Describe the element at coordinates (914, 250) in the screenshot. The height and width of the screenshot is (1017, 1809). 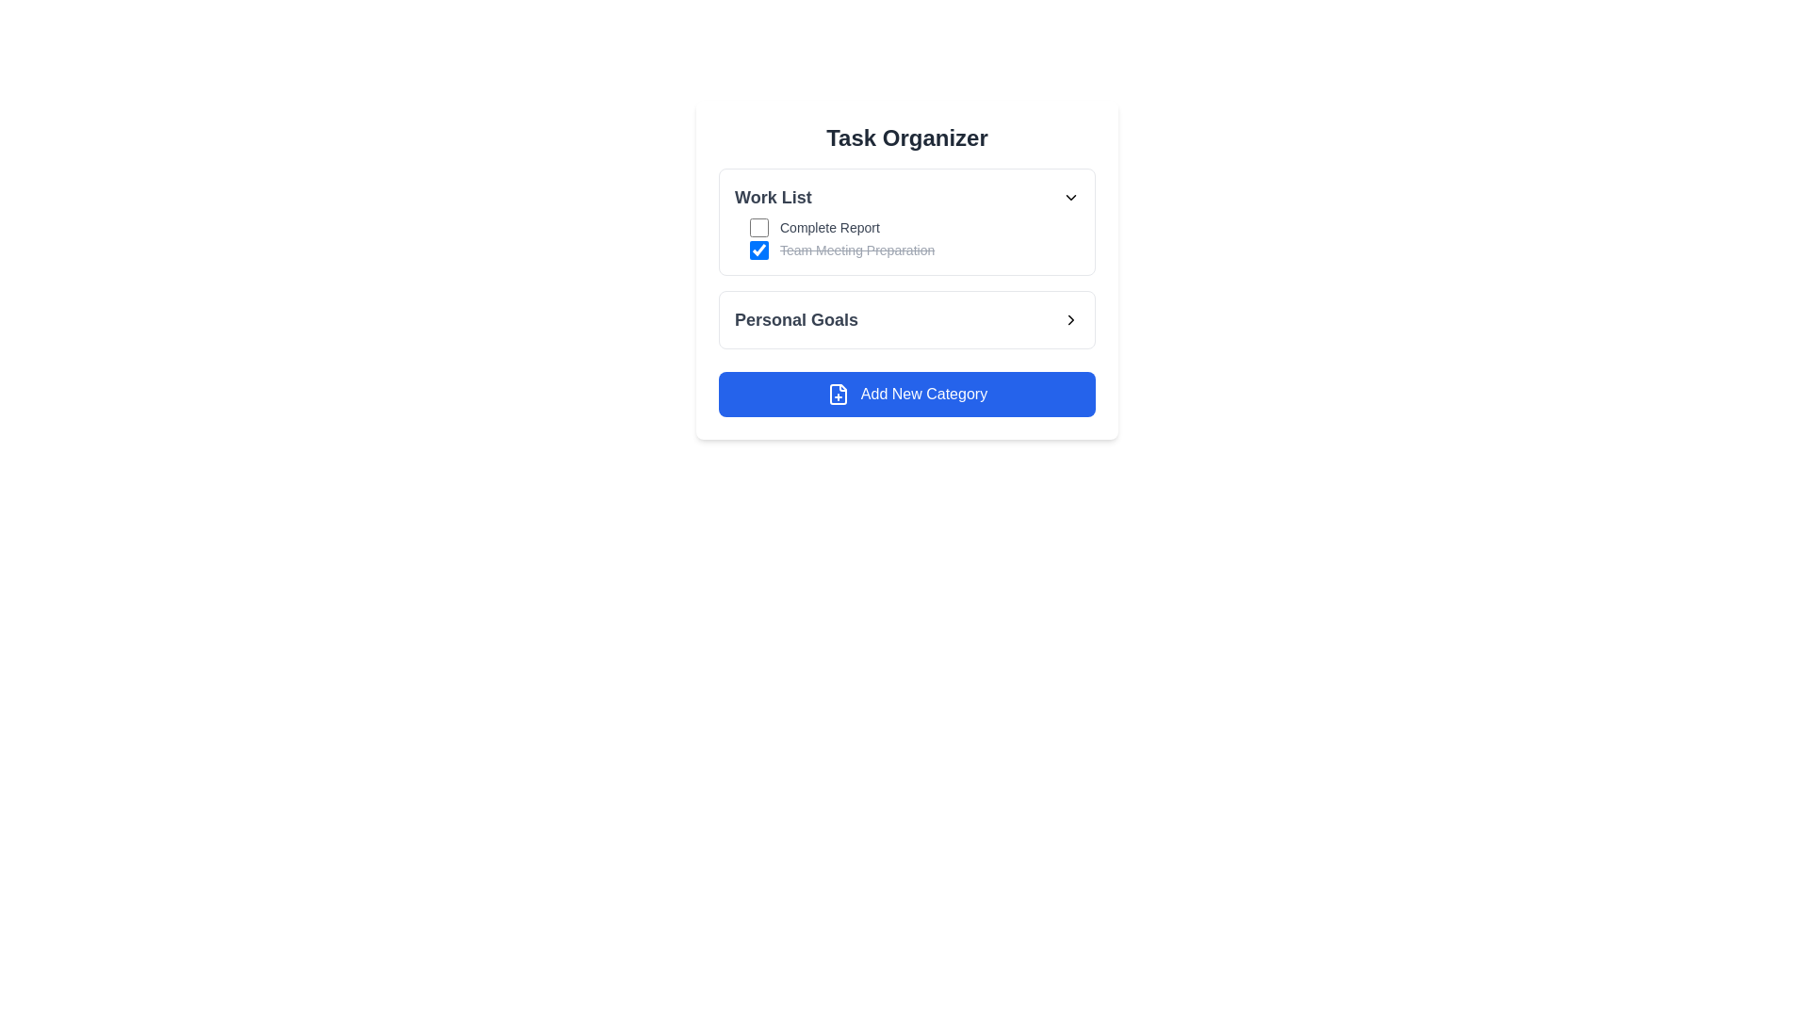
I see `the task label of the completed task in the 'Work List' section` at that location.